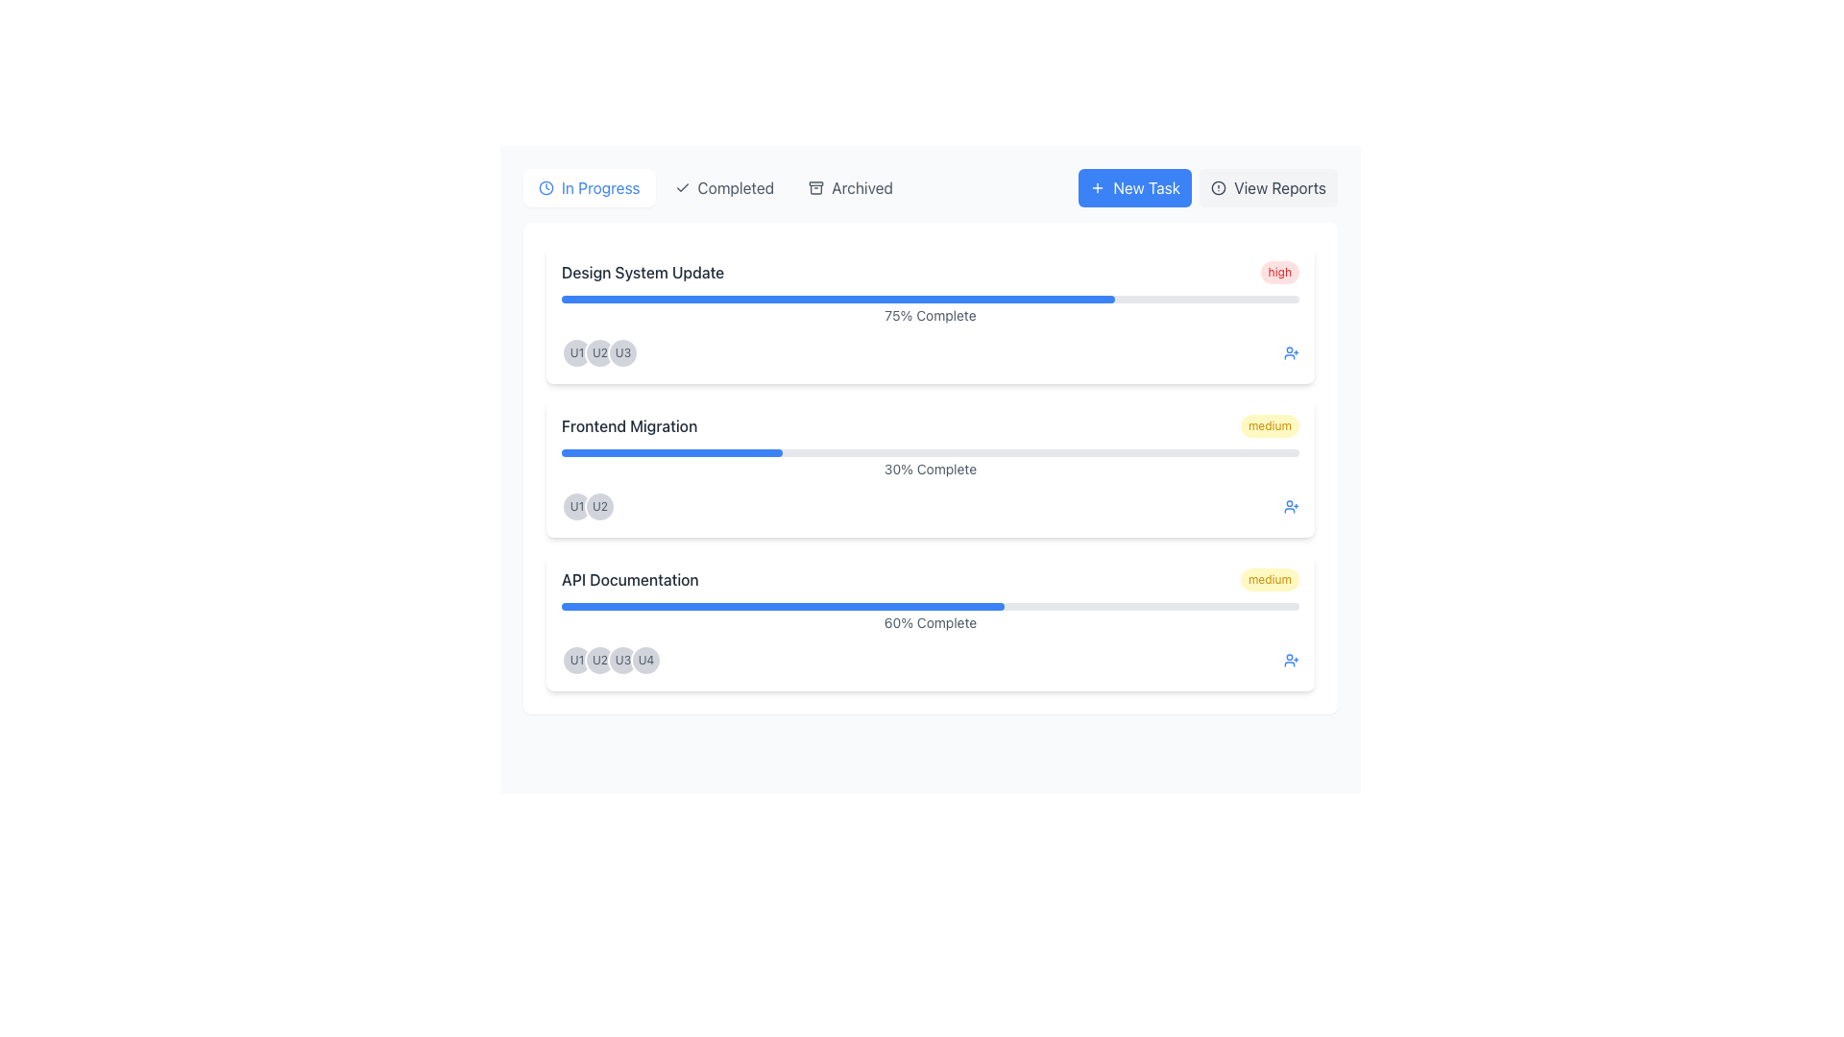  What do you see at coordinates (850, 188) in the screenshot?
I see `the 'Archived' button, which is the third button in a horizontal group` at bounding box center [850, 188].